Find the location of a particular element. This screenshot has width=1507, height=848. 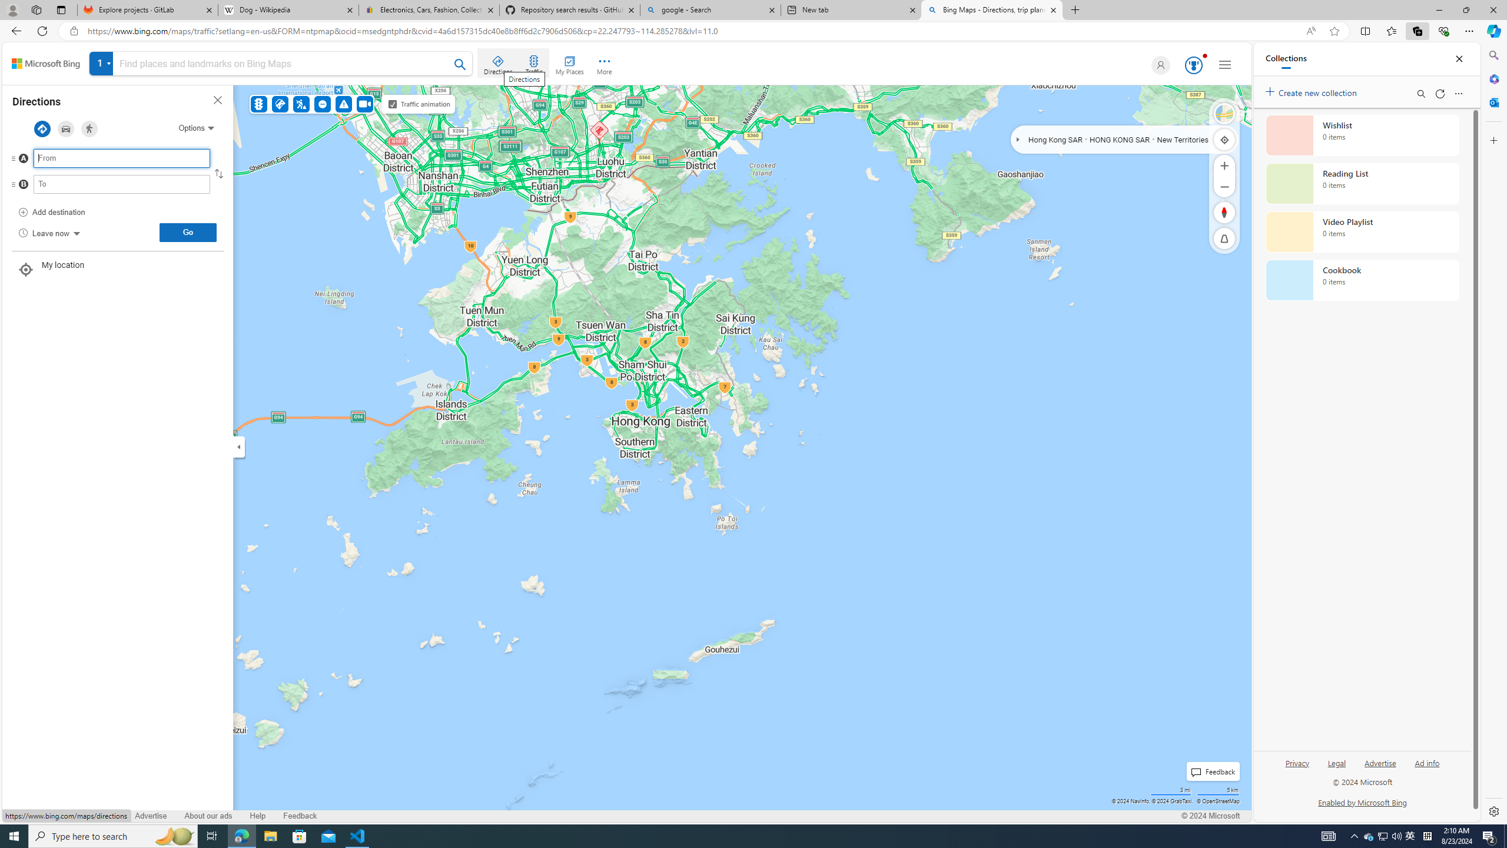

'Add destination' is located at coordinates (51, 212).